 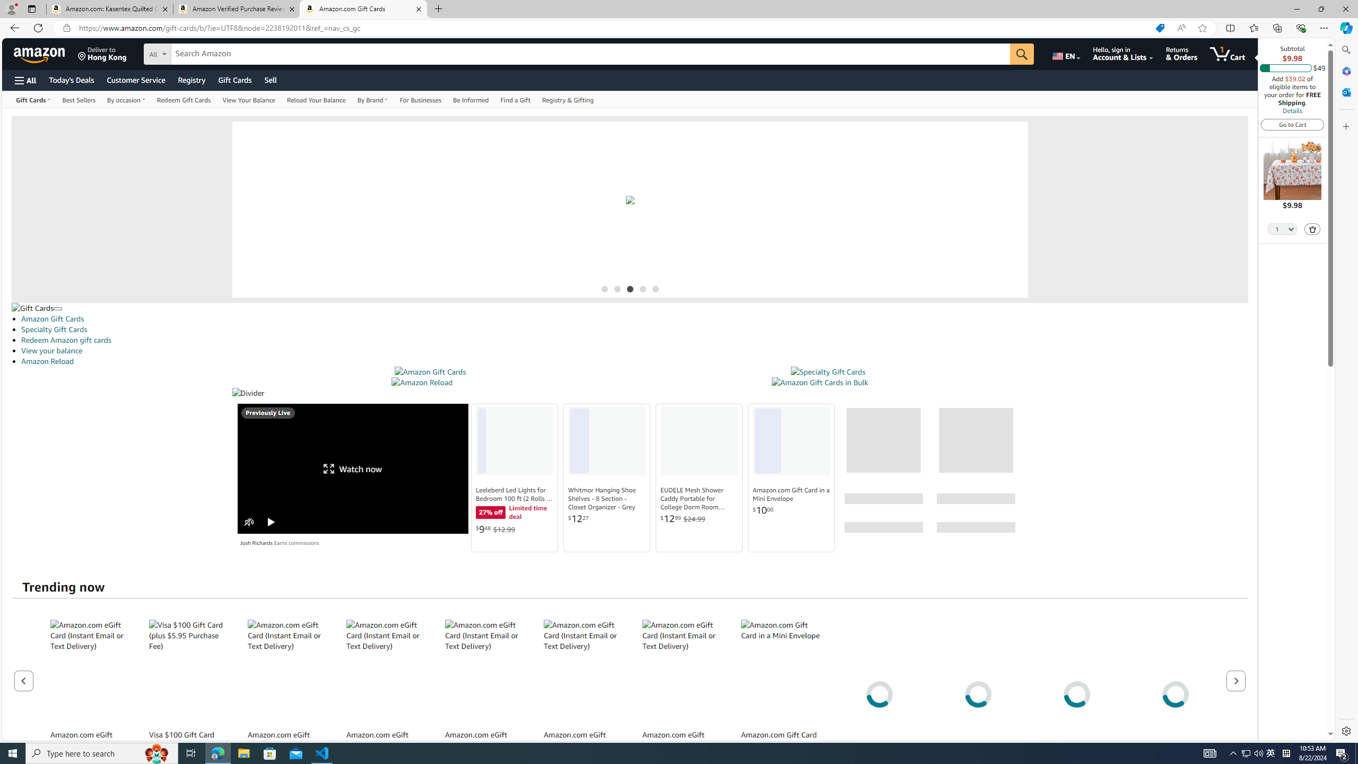 I want to click on 'Open Menu', so click(x=24, y=80).